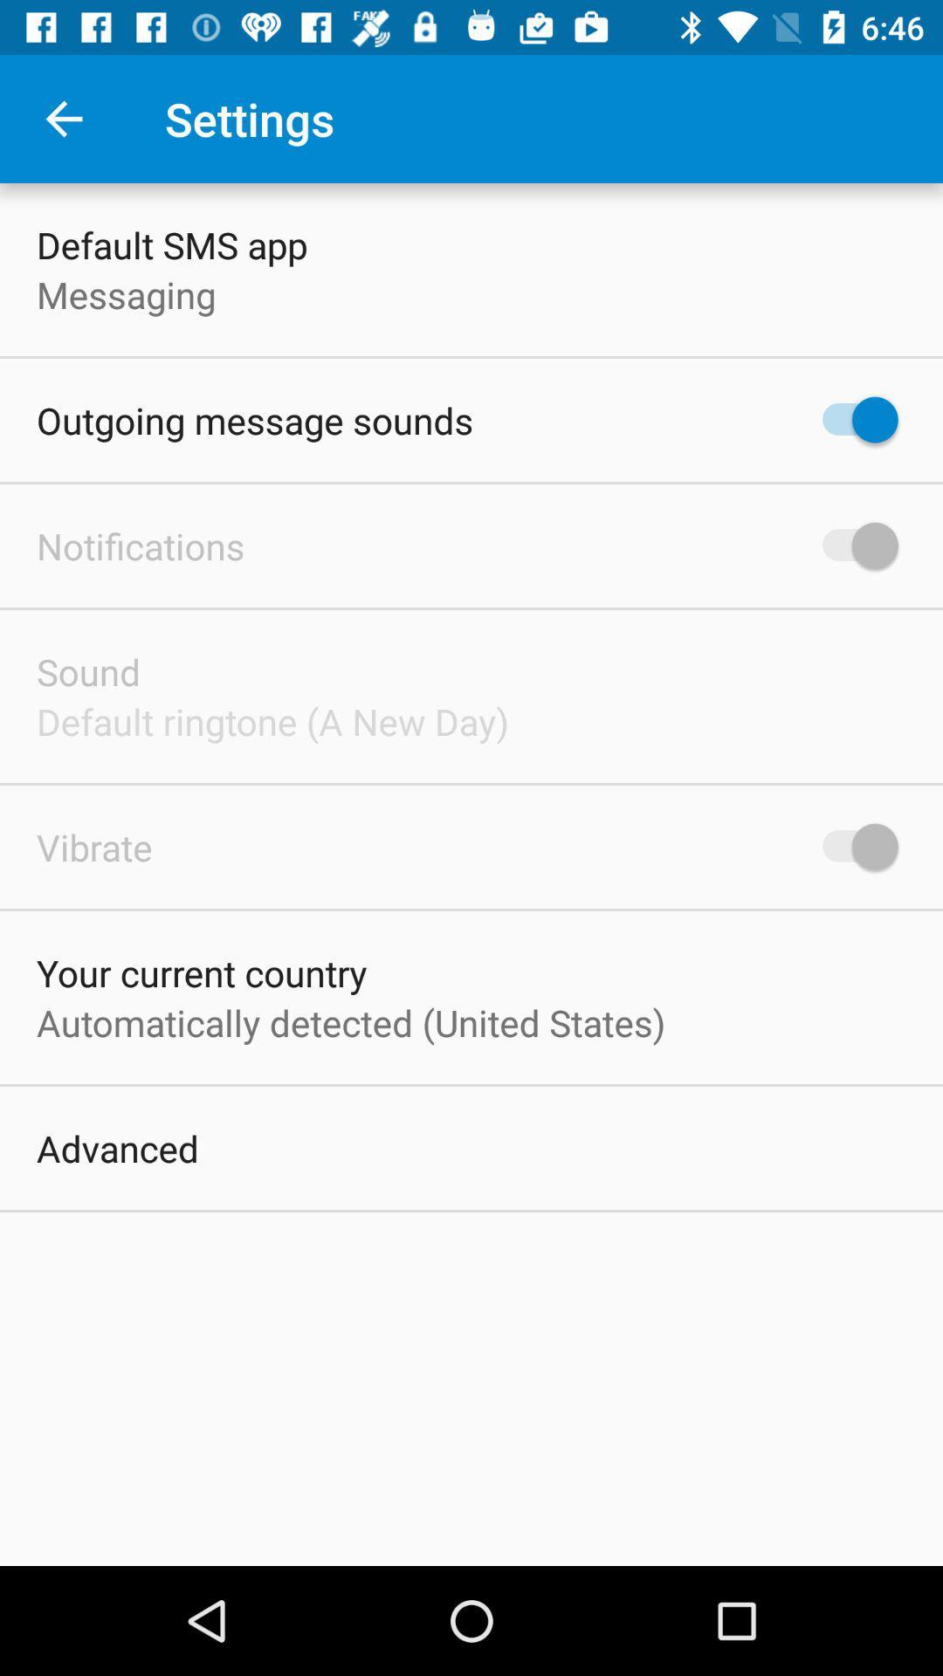 The width and height of the screenshot is (943, 1676). What do you see at coordinates (63, 118) in the screenshot?
I see `app to the left of the settings` at bounding box center [63, 118].